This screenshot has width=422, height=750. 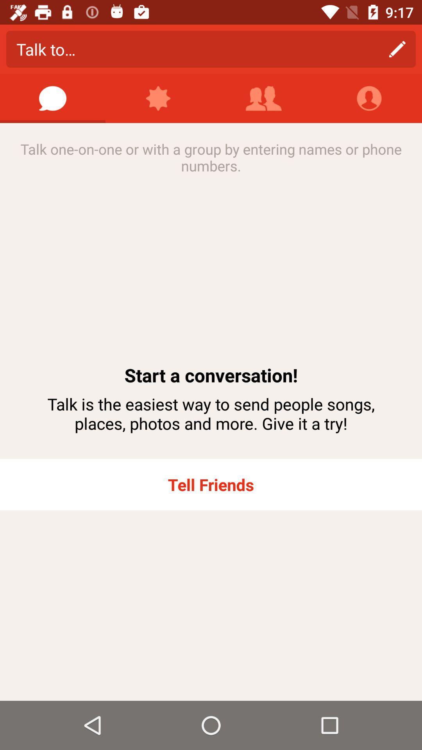 I want to click on open contacts, so click(x=264, y=98).